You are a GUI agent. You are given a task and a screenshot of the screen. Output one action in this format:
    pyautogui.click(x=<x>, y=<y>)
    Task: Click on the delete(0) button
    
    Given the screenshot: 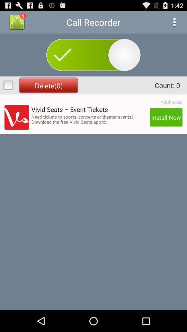 What is the action you would take?
    pyautogui.click(x=48, y=85)
    